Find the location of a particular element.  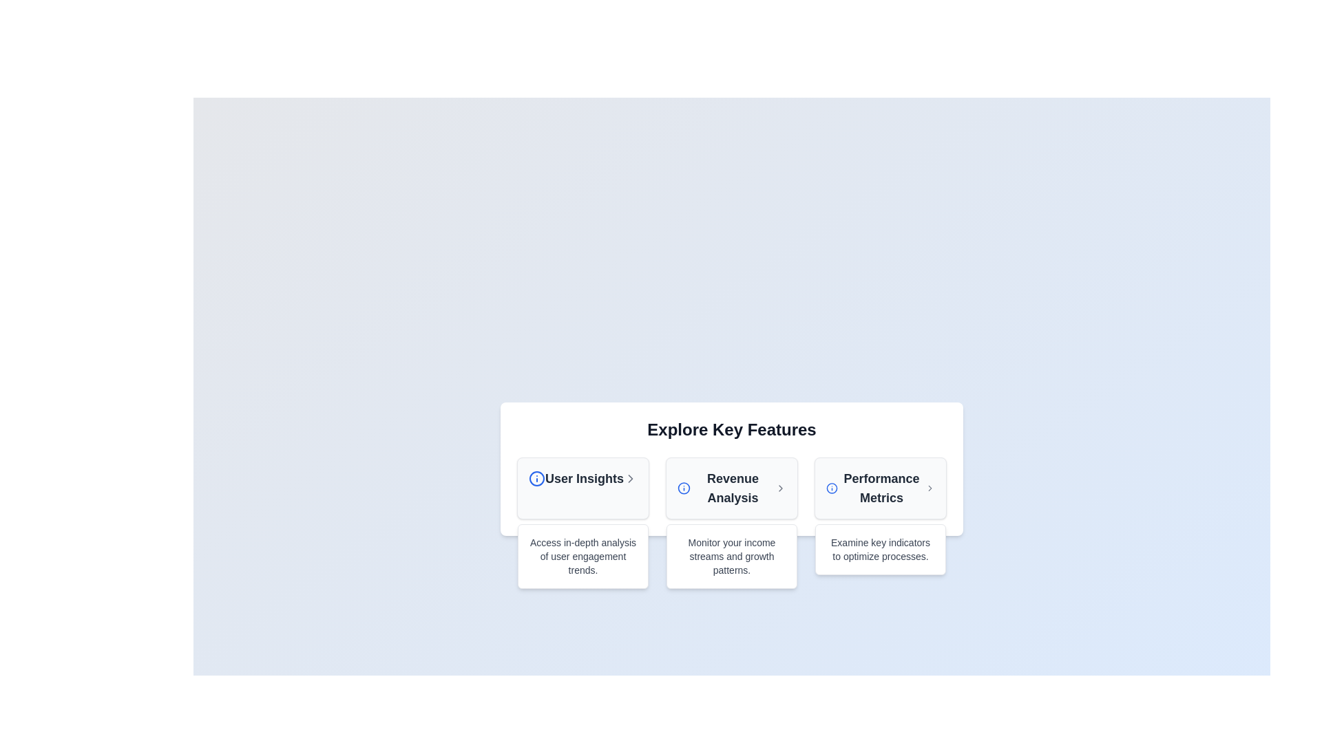

the revenue analysis card located in the middle of the horizontal row under the heading 'Explore Key Features' is located at coordinates (731, 487).